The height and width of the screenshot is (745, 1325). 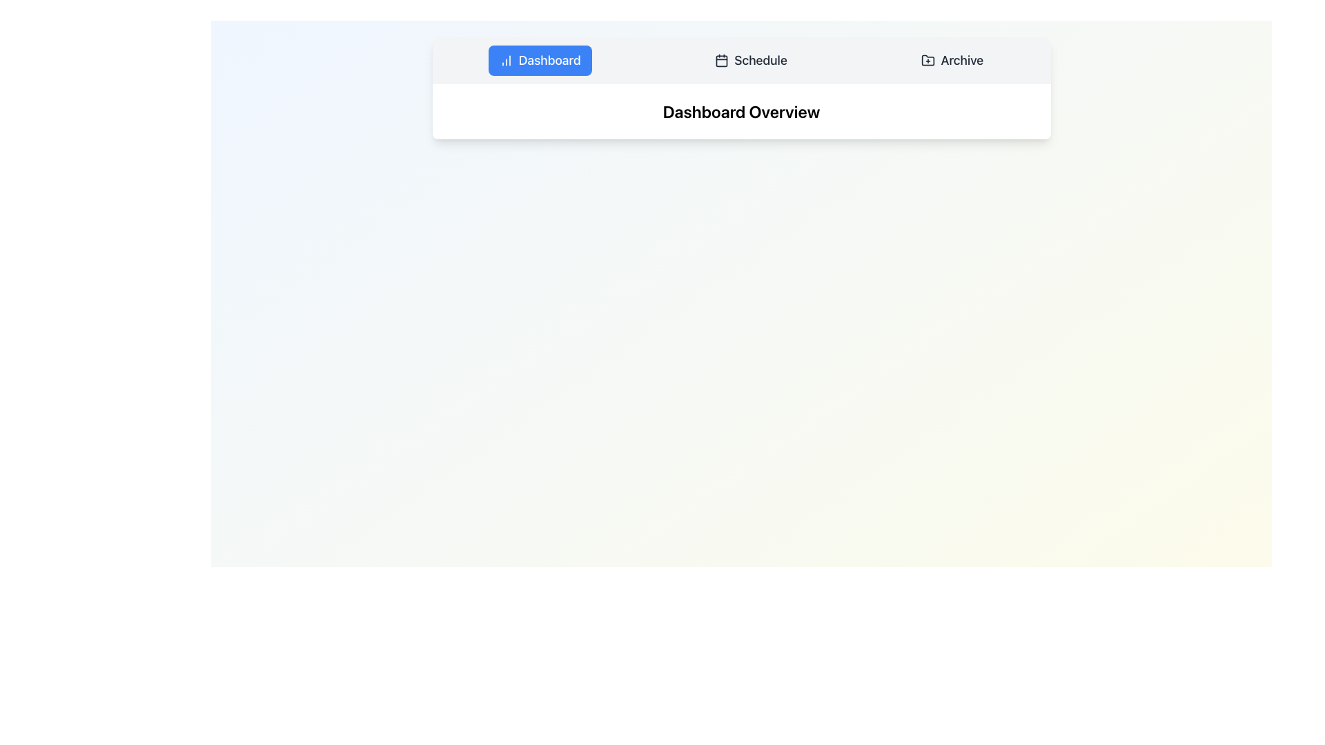 I want to click on the heading 'Dashboard Overview' which is centrally located in the panel beneath the navigation bar, so click(x=740, y=111).